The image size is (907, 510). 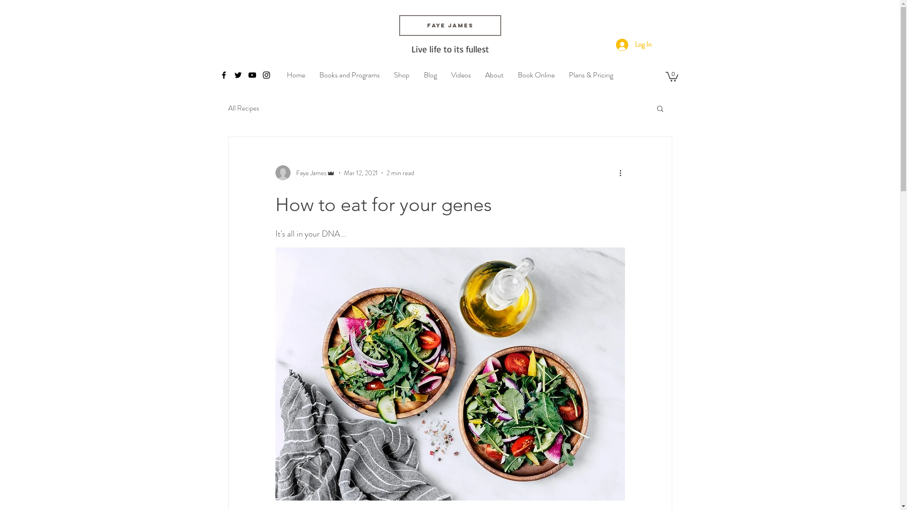 I want to click on 'Videos', so click(x=461, y=74).